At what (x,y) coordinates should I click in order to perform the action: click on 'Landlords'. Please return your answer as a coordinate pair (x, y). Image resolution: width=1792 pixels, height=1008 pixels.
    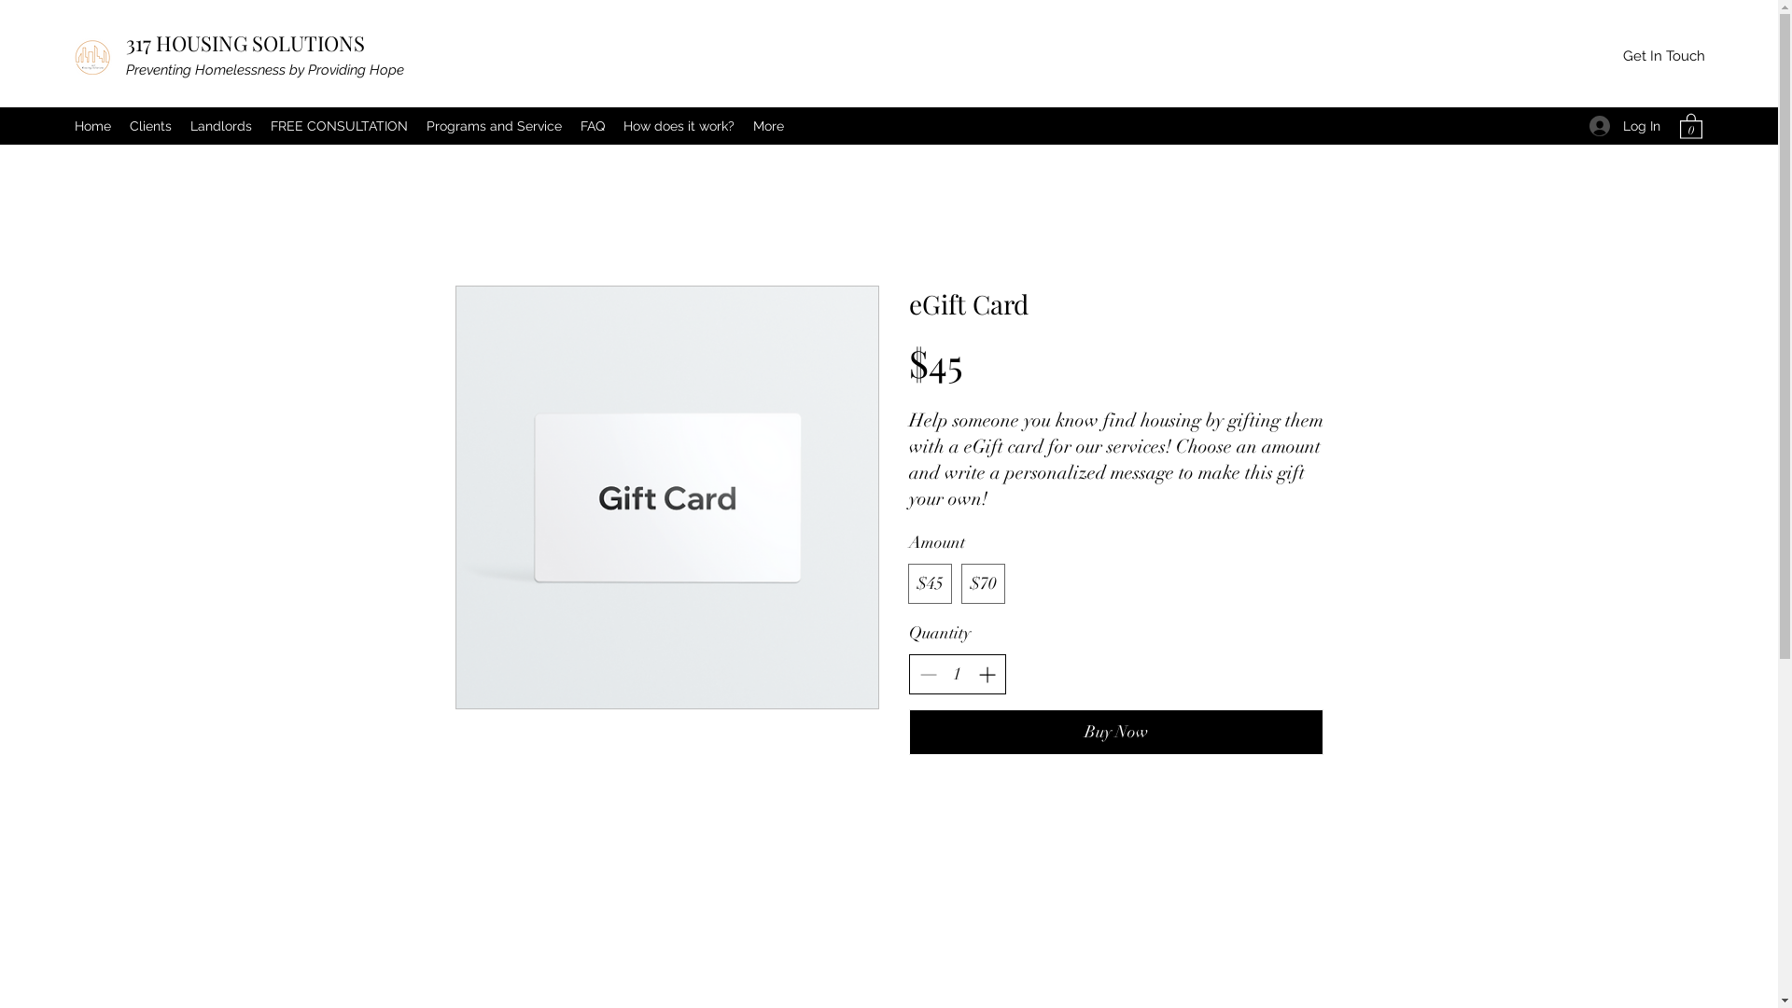
    Looking at the image, I should click on (220, 126).